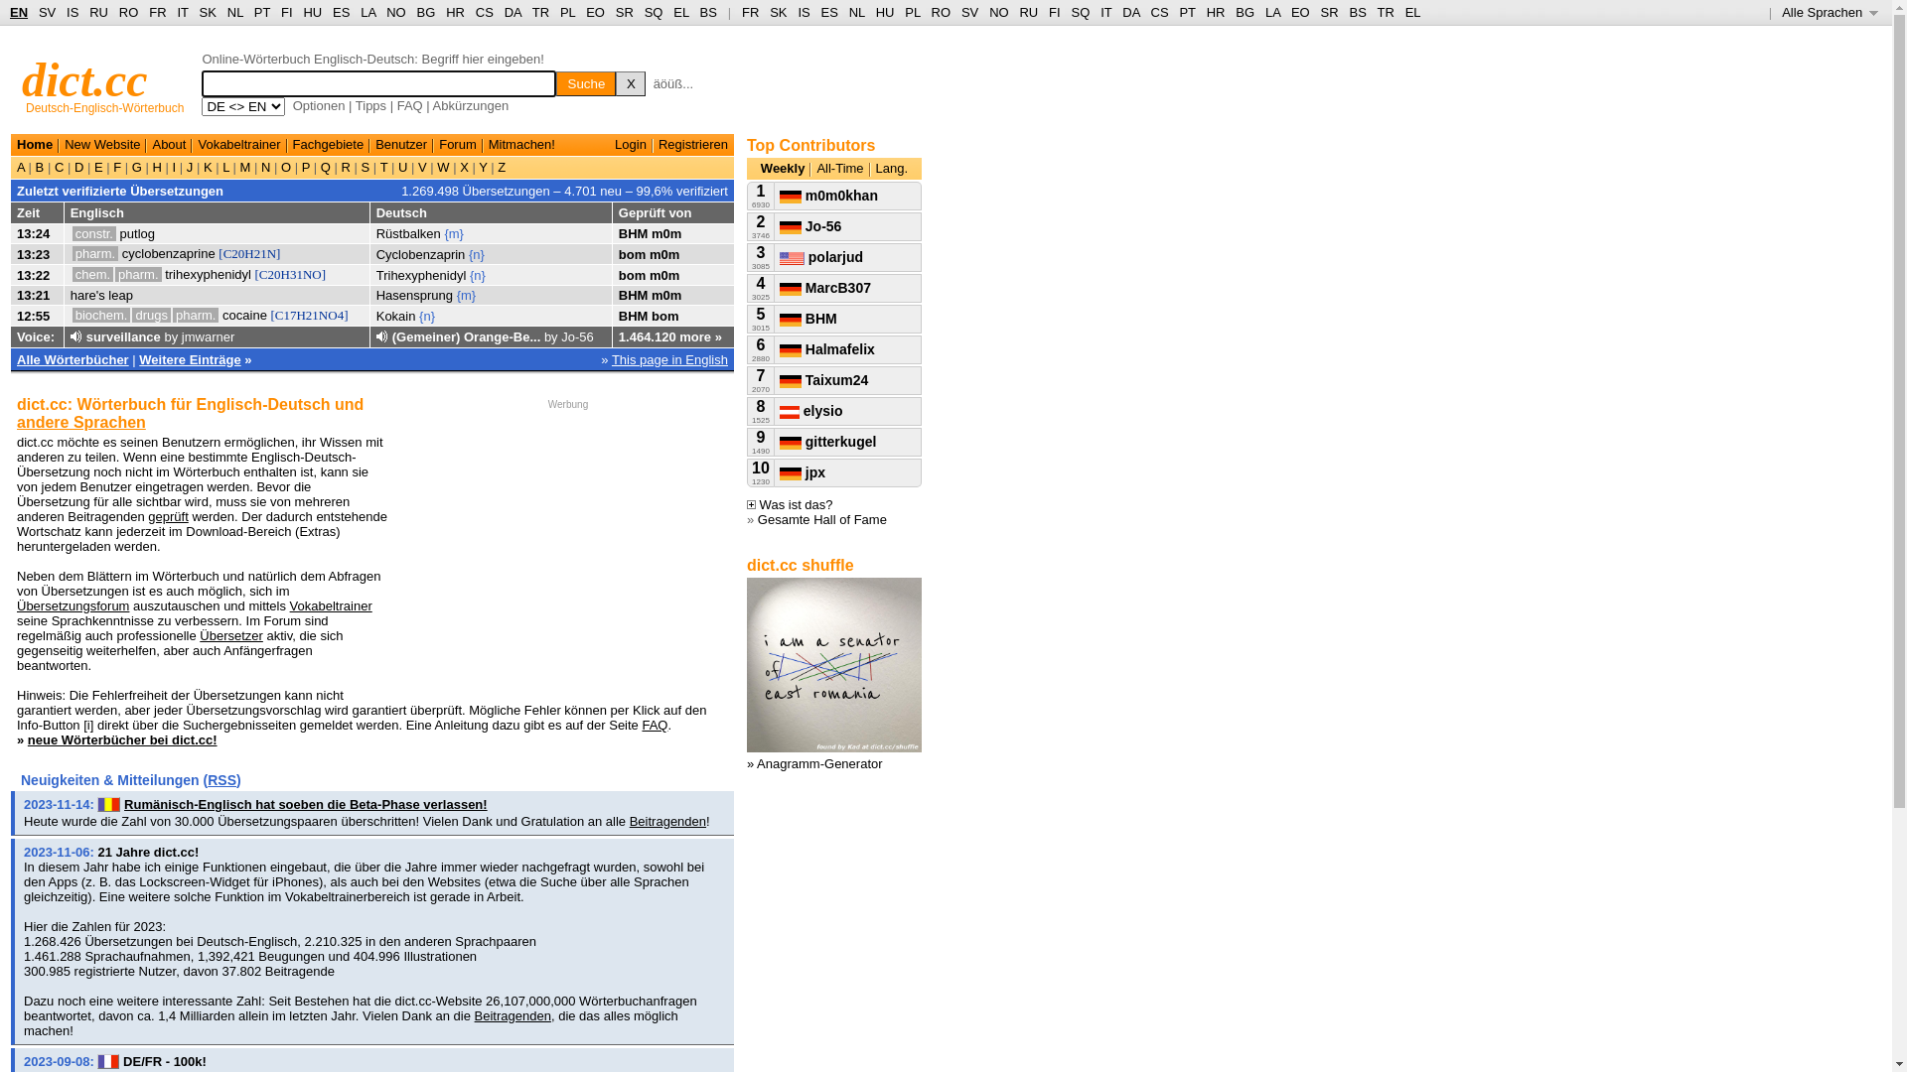  Describe the element at coordinates (150, 314) in the screenshot. I see `'drugs'` at that location.